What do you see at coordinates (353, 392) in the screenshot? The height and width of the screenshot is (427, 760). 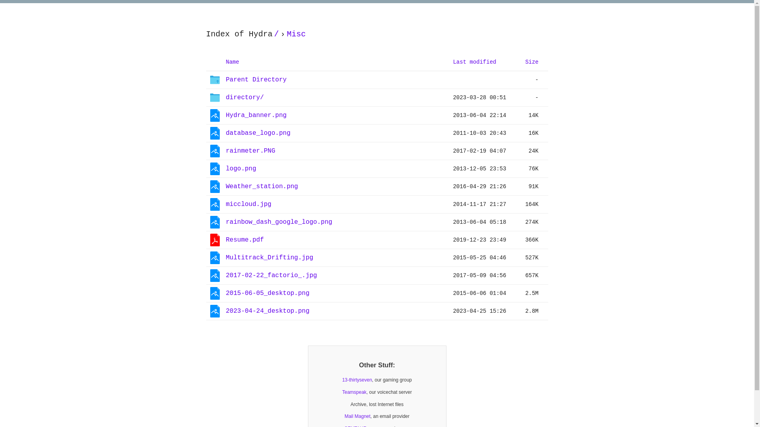 I see `'Teamspeak'` at bounding box center [353, 392].